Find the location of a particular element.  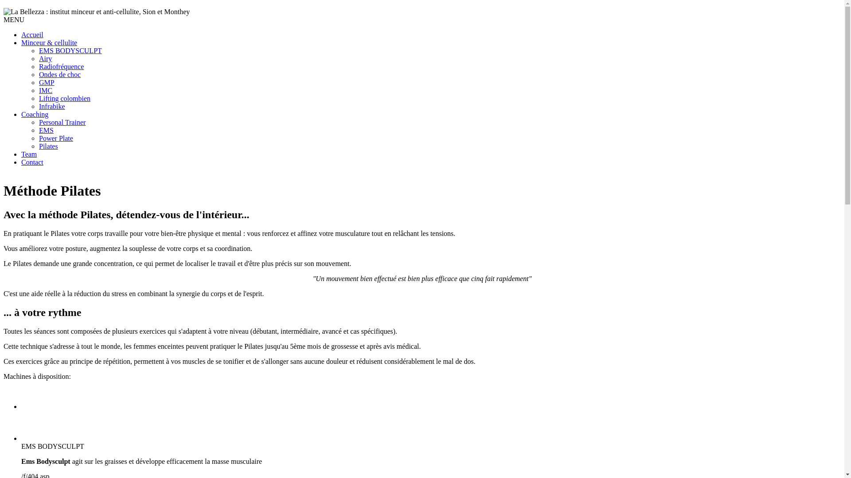

'Personal Trainer' is located at coordinates (62, 122).